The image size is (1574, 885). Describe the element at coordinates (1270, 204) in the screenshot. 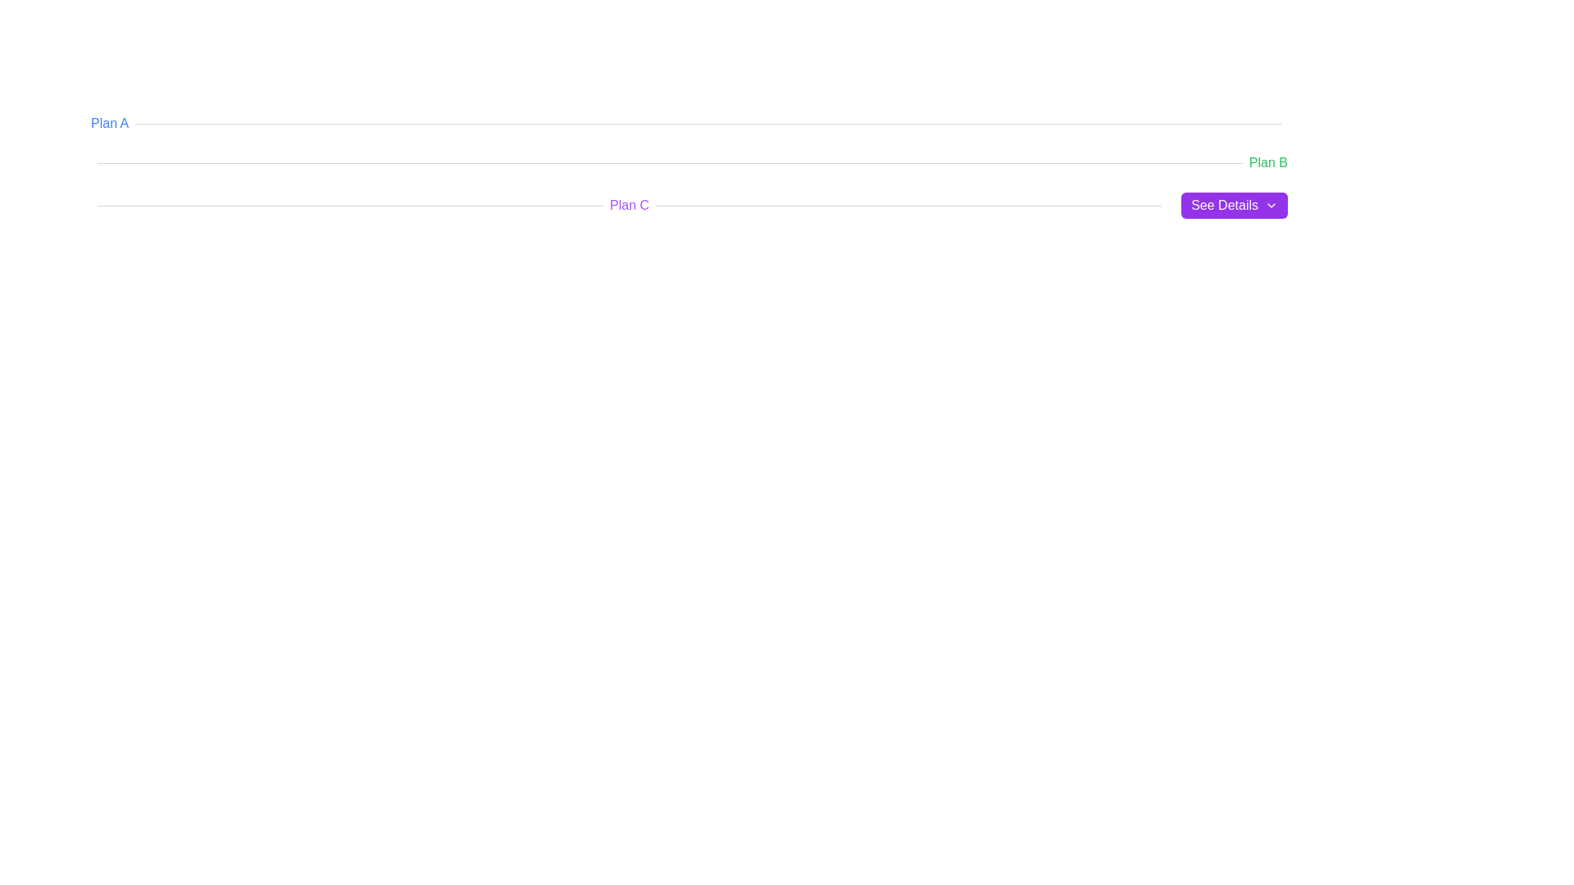

I see `the chevron icon located at the far right inside the purple button labeled 'See Details', which indicates the presence of additional details or a dropdown menu` at that location.